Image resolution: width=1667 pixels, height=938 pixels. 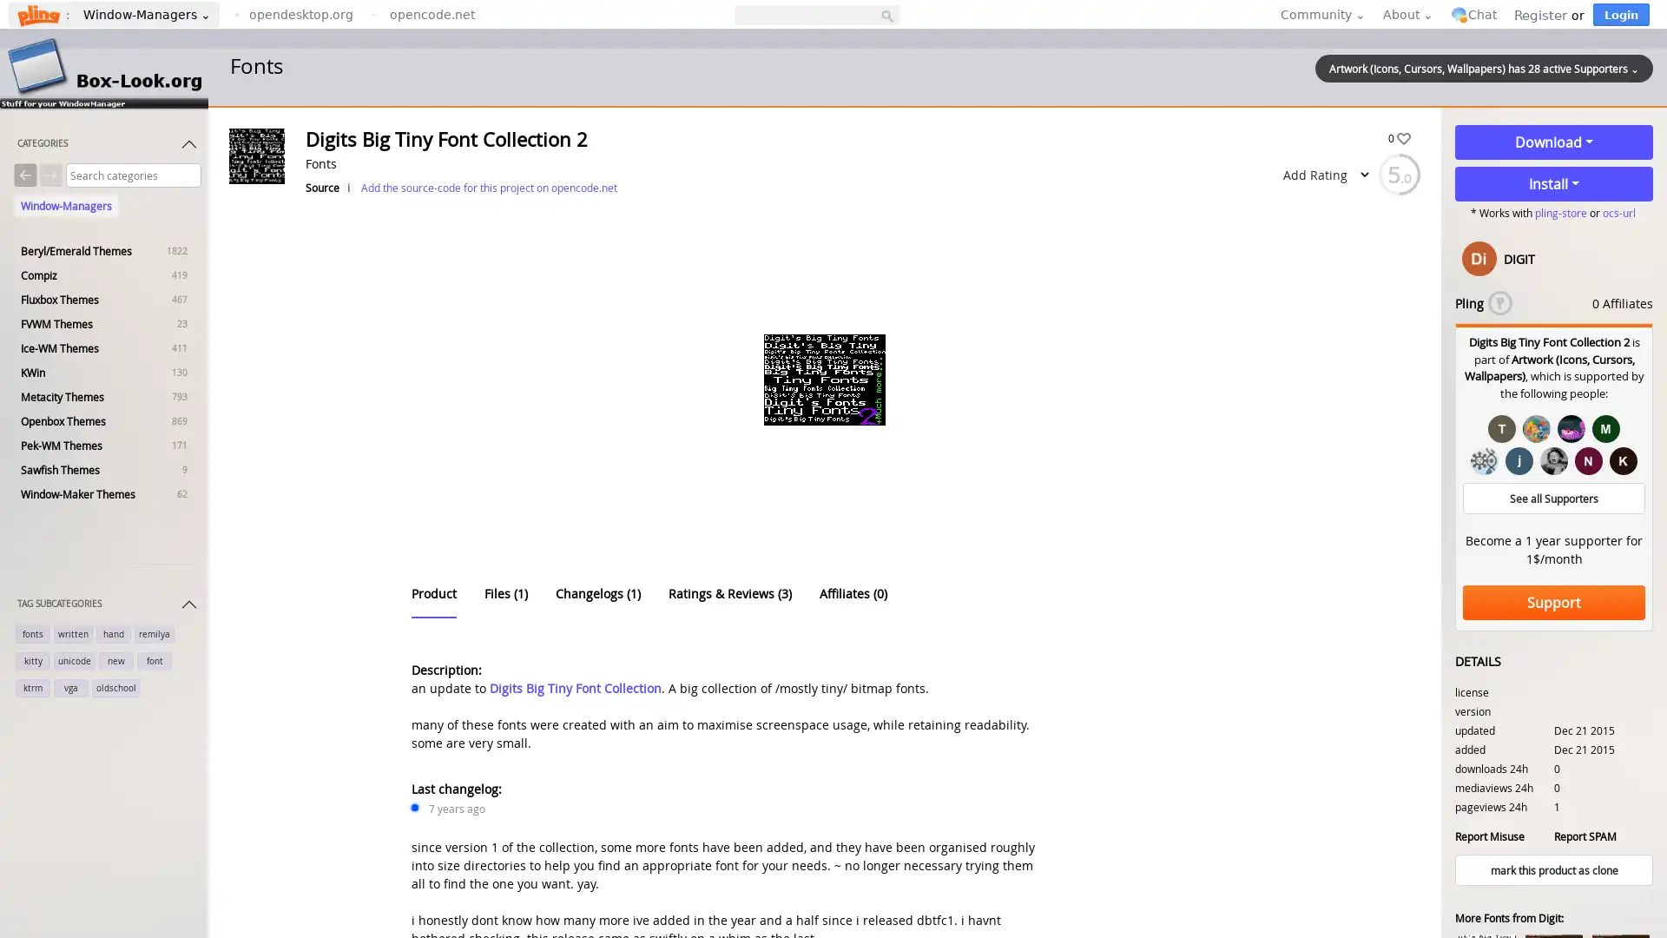 I want to click on CATEGORIES, so click(x=107, y=146).